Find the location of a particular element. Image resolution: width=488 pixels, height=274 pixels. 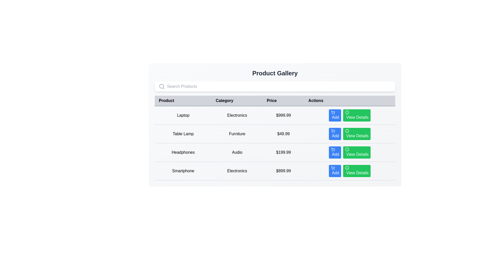

the first Circle SVG element is located at coordinates (347, 149).